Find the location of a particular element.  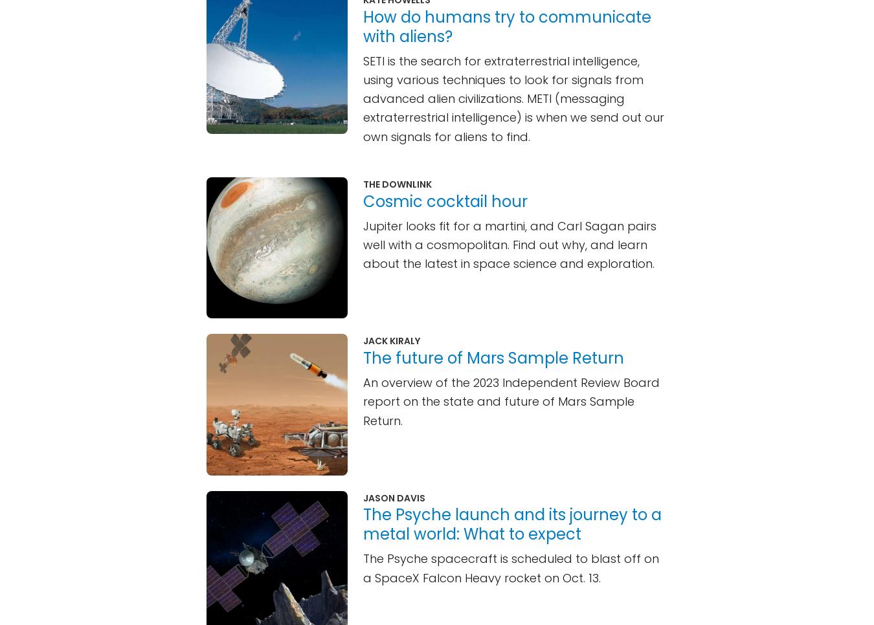

'The Downlink' is located at coordinates (397, 183).